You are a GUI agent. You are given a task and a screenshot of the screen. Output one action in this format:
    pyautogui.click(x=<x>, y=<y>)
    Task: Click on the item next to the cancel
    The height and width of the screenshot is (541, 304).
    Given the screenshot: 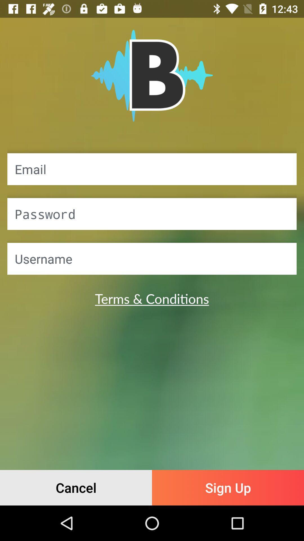 What is the action you would take?
    pyautogui.click(x=228, y=487)
    